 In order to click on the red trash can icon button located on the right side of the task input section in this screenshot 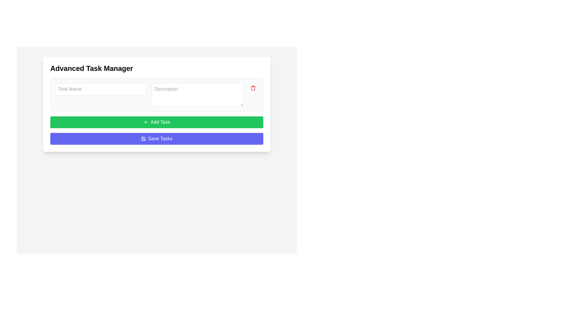, I will do `click(253, 88)`.